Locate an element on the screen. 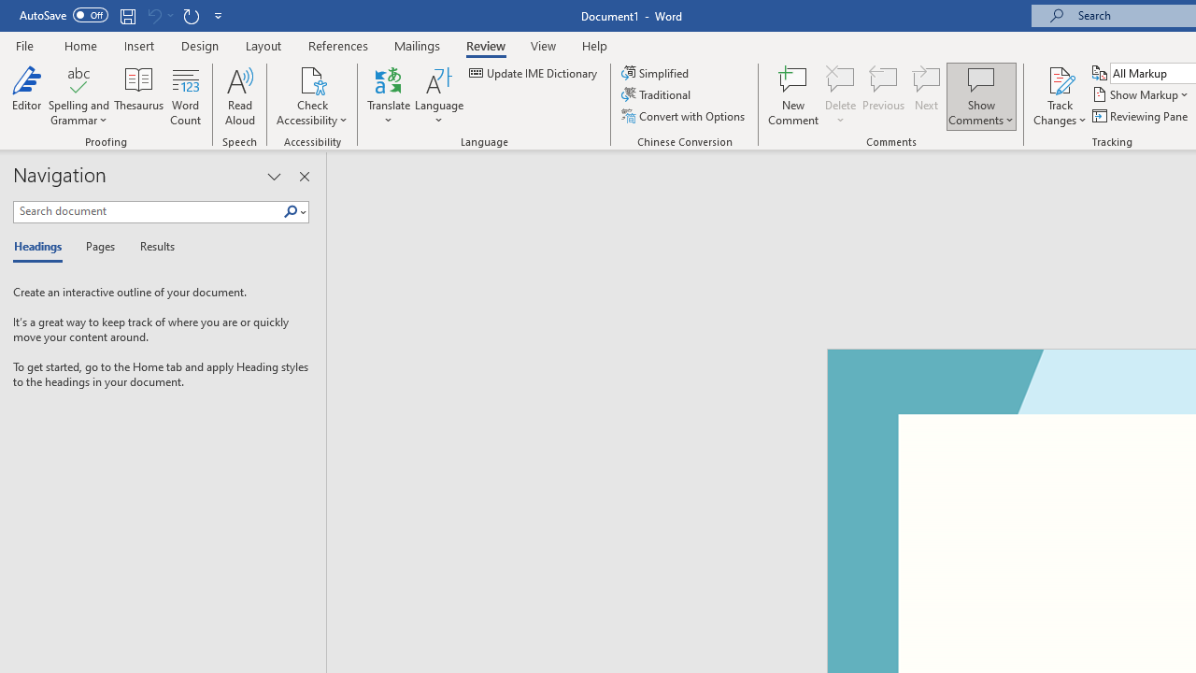 The width and height of the screenshot is (1196, 673). 'Show Markup' is located at coordinates (1141, 94).